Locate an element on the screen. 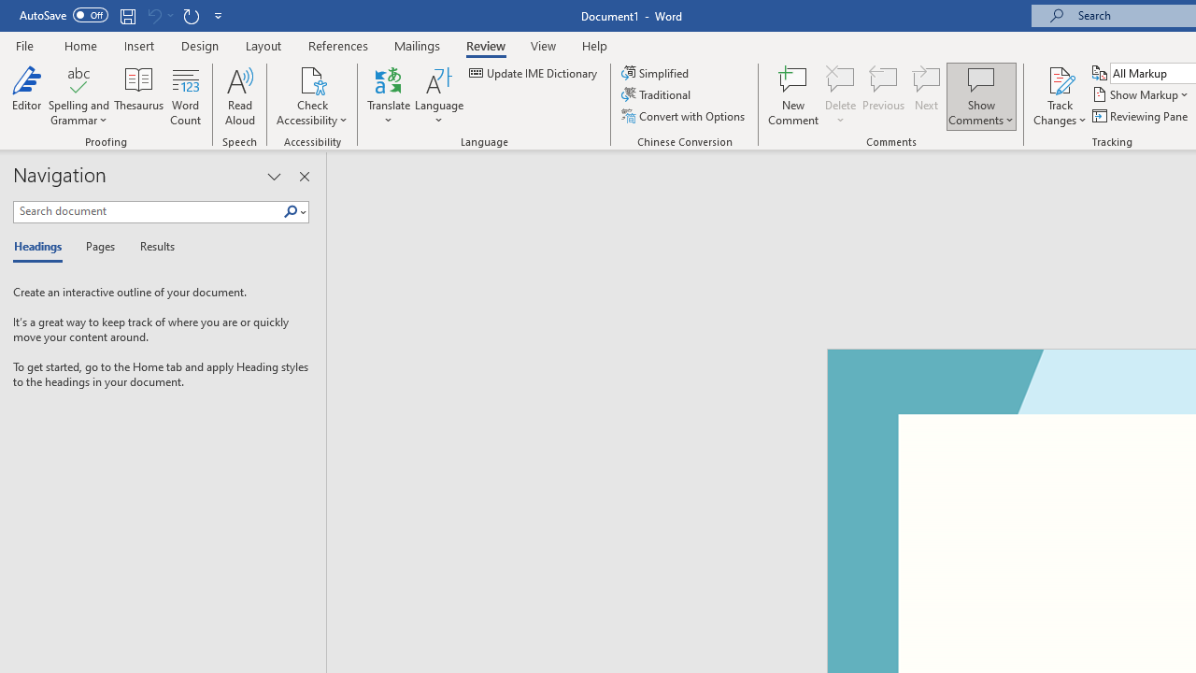 The width and height of the screenshot is (1196, 673). 'Show Markup' is located at coordinates (1141, 94).